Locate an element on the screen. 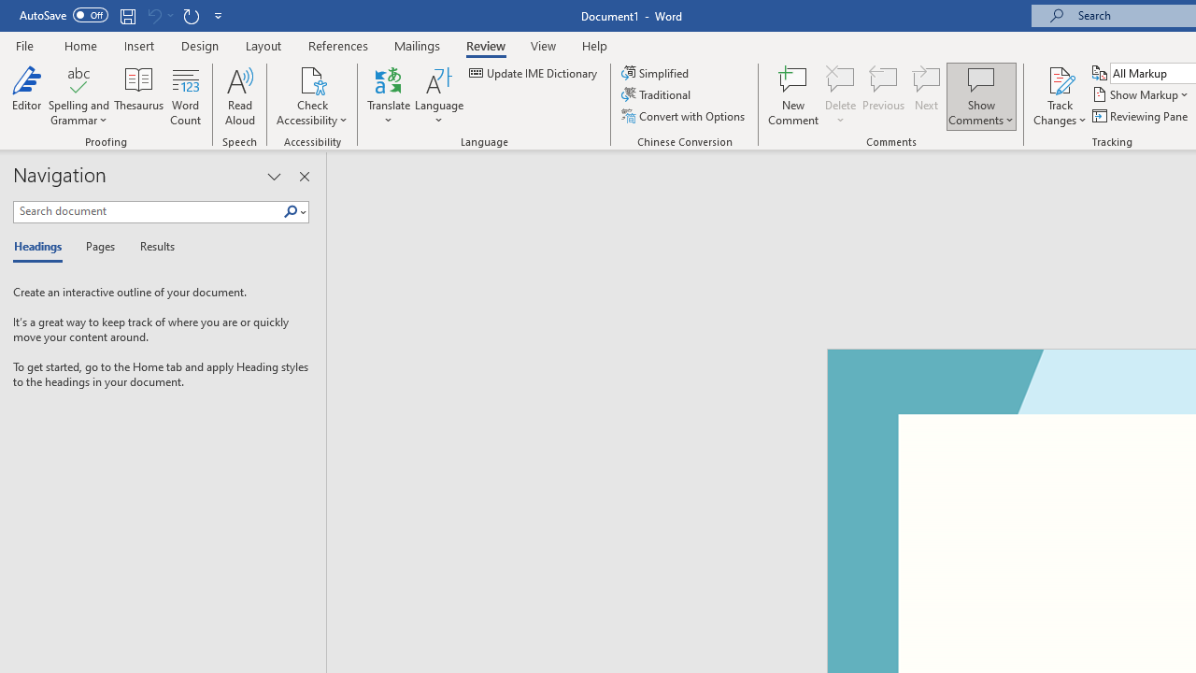 The width and height of the screenshot is (1196, 673). 'Show Markup' is located at coordinates (1141, 94).